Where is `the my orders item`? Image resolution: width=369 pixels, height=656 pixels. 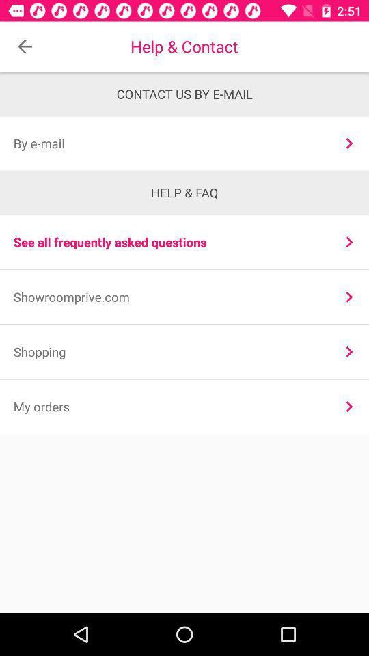
the my orders item is located at coordinates (169, 407).